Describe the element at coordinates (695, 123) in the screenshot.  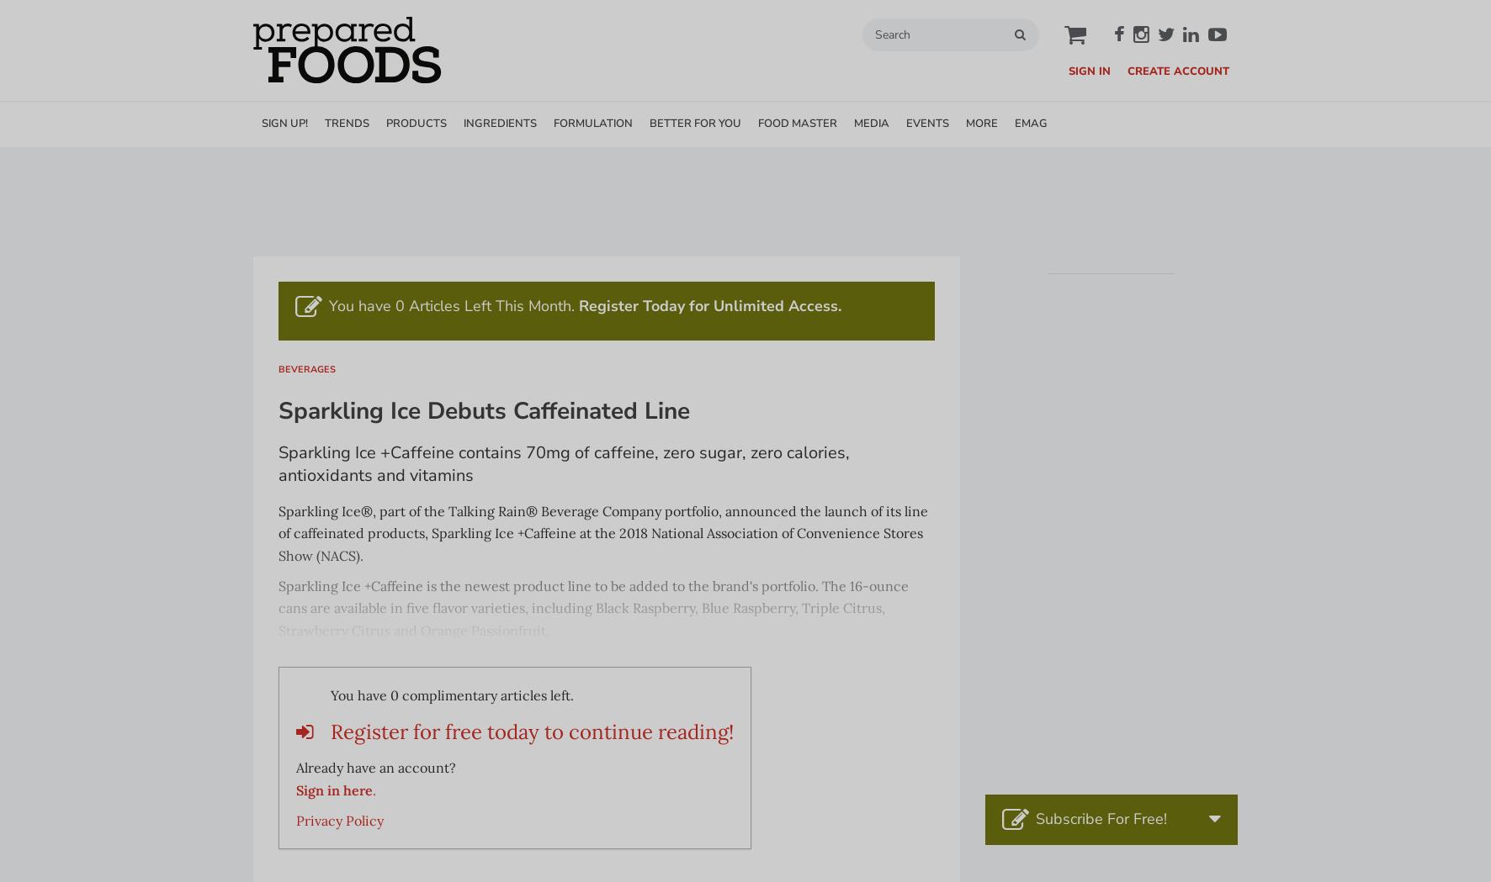
I see `'BETTER FOR YOU'` at that location.